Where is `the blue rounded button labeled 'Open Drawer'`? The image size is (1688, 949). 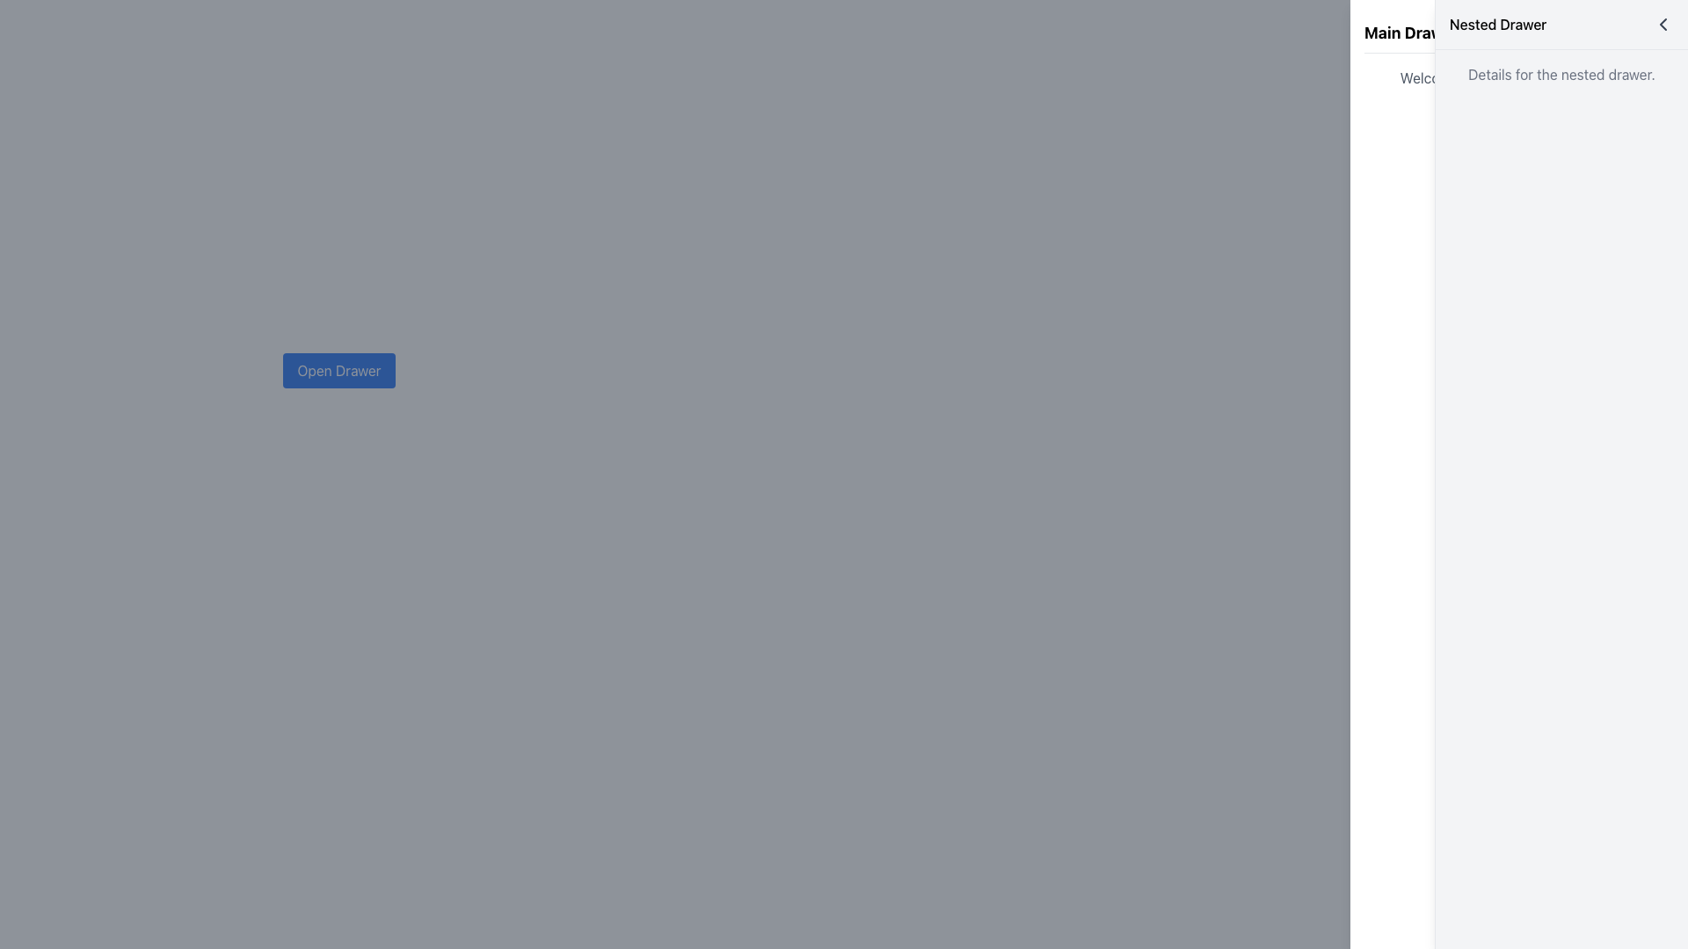
the blue rounded button labeled 'Open Drawer' is located at coordinates (338, 369).